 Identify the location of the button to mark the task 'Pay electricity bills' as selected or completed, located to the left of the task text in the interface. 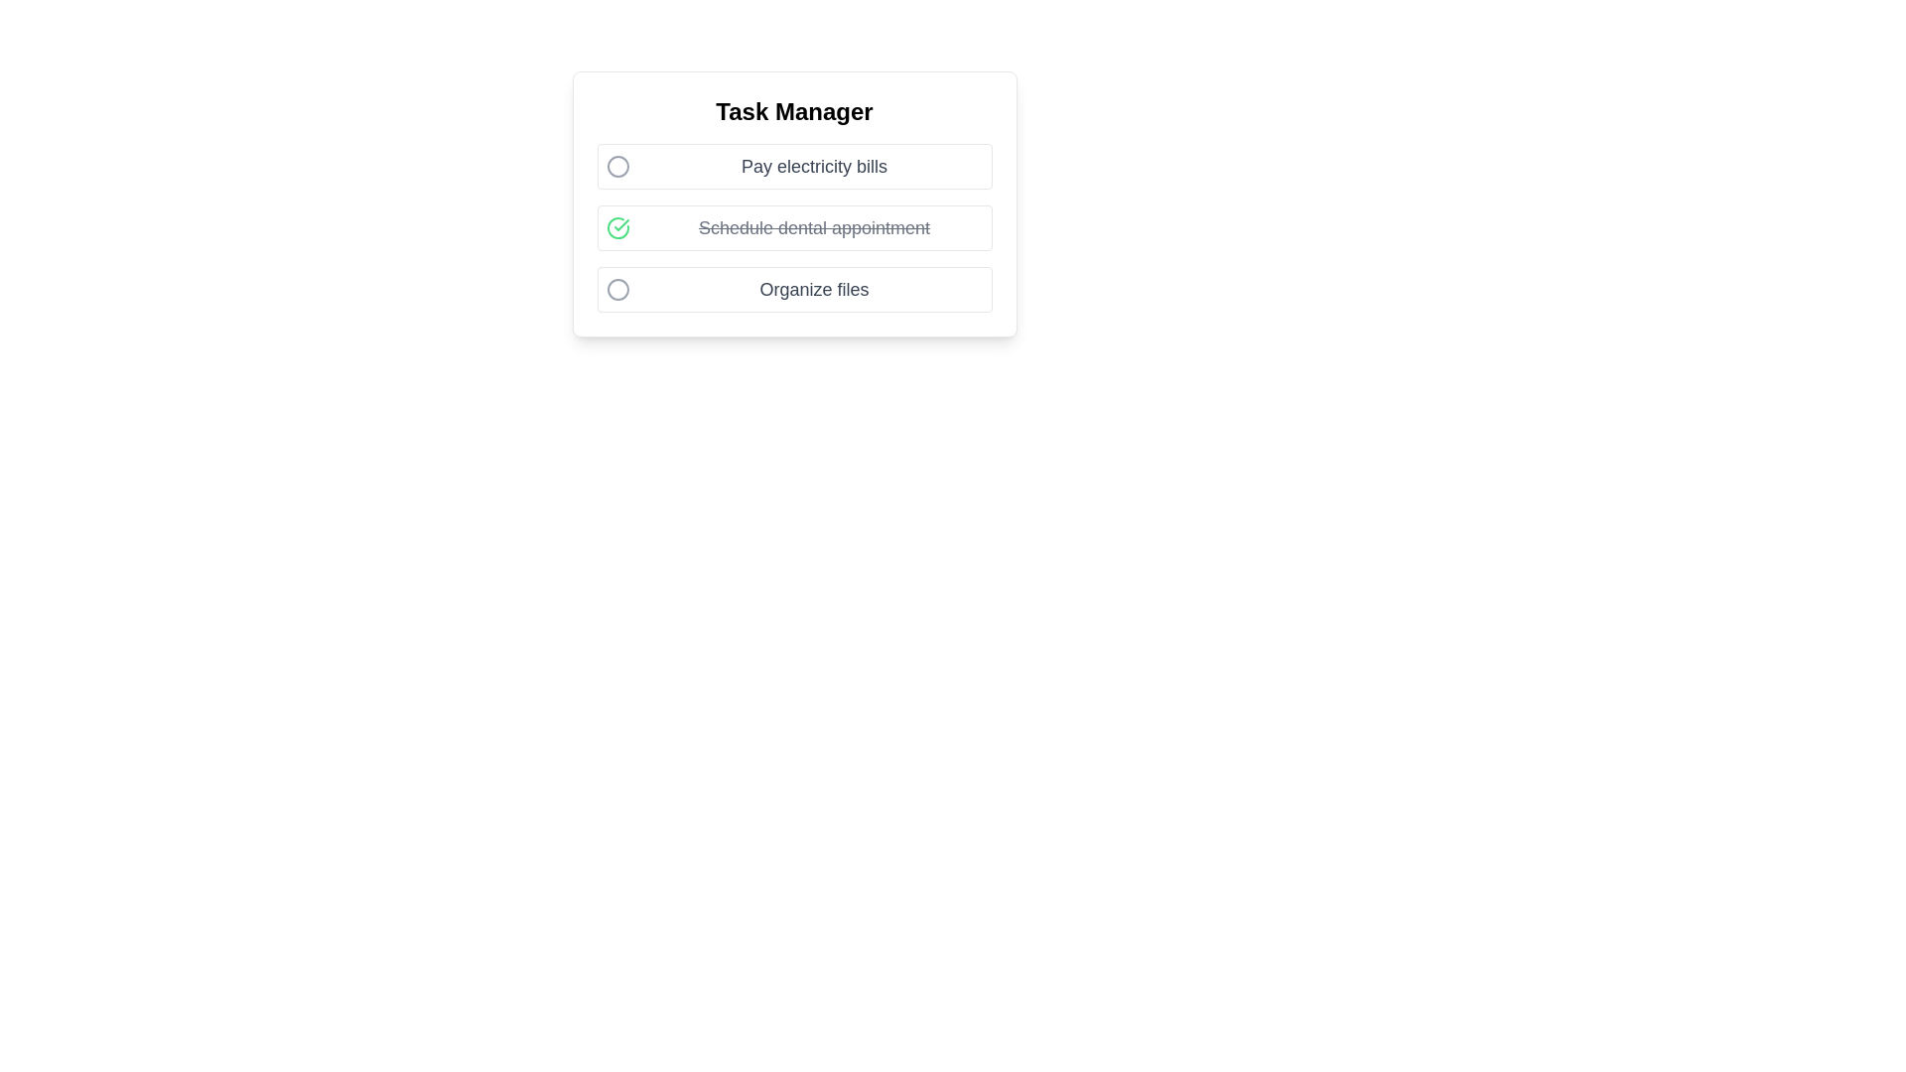
(616, 166).